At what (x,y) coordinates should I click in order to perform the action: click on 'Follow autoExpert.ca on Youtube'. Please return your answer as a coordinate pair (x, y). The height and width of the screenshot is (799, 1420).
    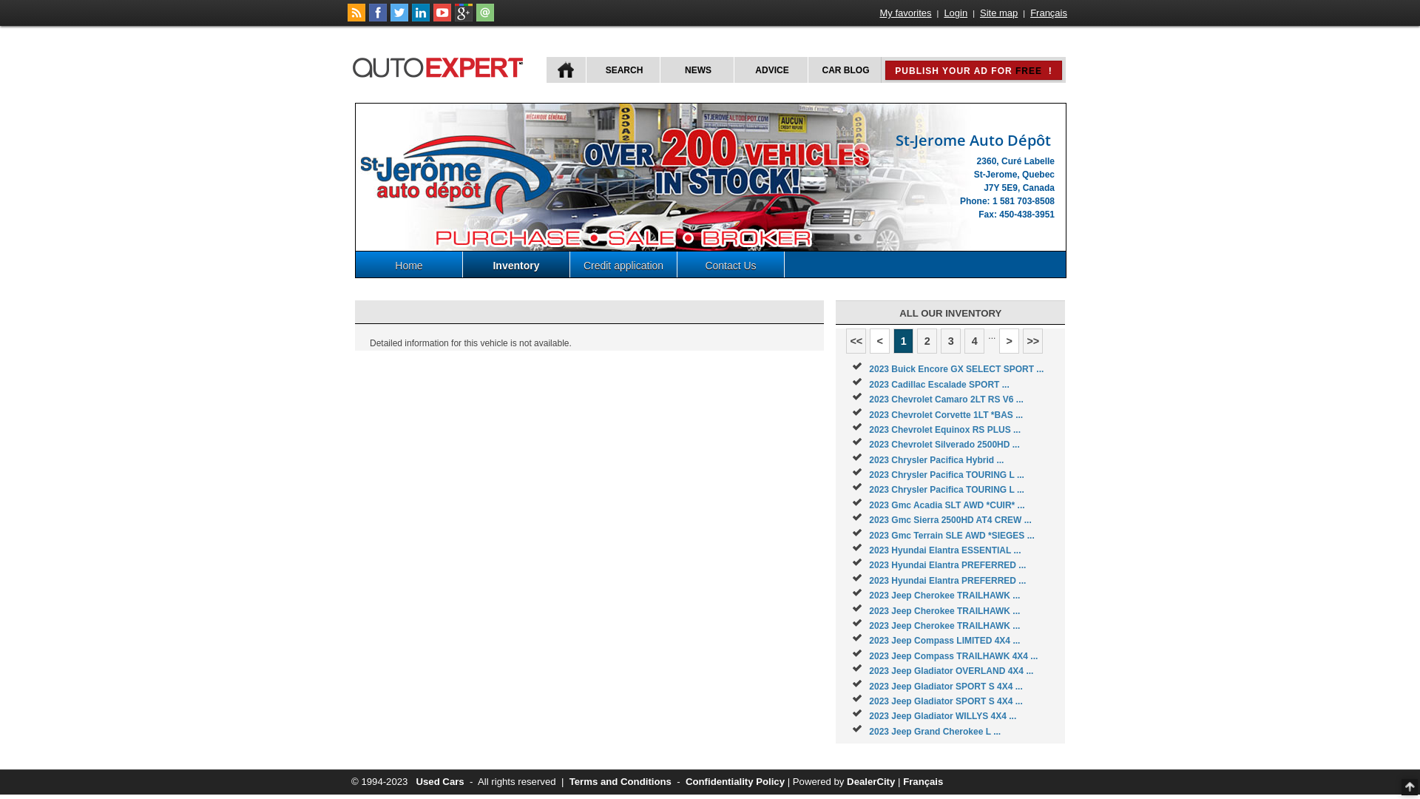
    Looking at the image, I should click on (442, 18).